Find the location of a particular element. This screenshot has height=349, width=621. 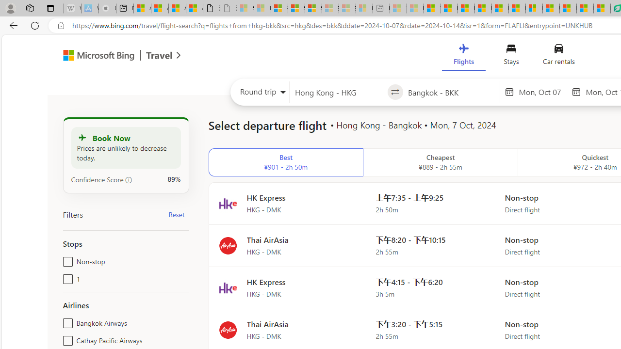

'Microsoft account | Account Checkup - Sleeping' is located at coordinates (363, 8).